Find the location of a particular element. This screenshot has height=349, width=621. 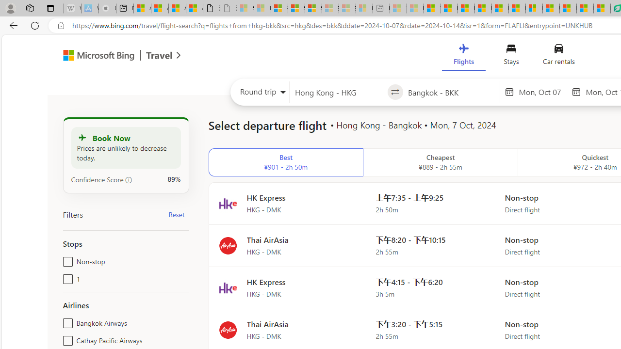

'Microsoft account | Account Checkup - Sleeping' is located at coordinates (363, 8).